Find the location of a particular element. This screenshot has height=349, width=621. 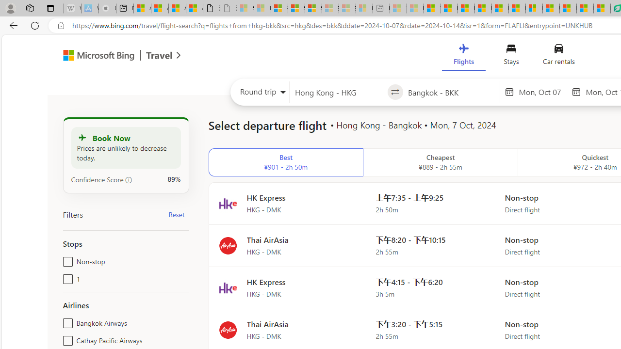

'Microsoft account | Account Checkup - Sleeping' is located at coordinates (363, 8).